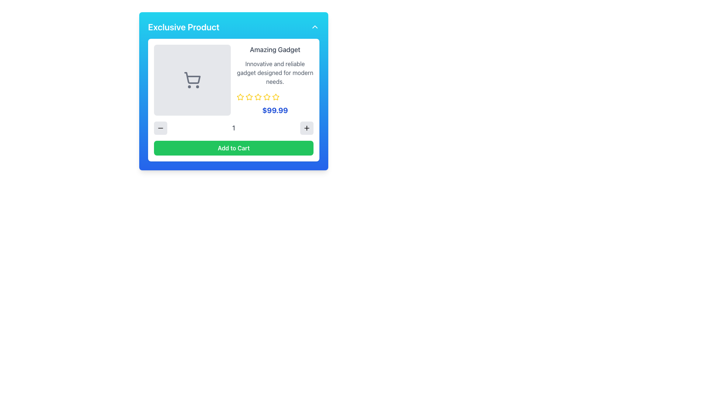 The width and height of the screenshot is (709, 399). What do you see at coordinates (267, 96) in the screenshot?
I see `the sixth star icon, which is filled with yellow color and represents a rating feature, to interact with the rating system` at bounding box center [267, 96].